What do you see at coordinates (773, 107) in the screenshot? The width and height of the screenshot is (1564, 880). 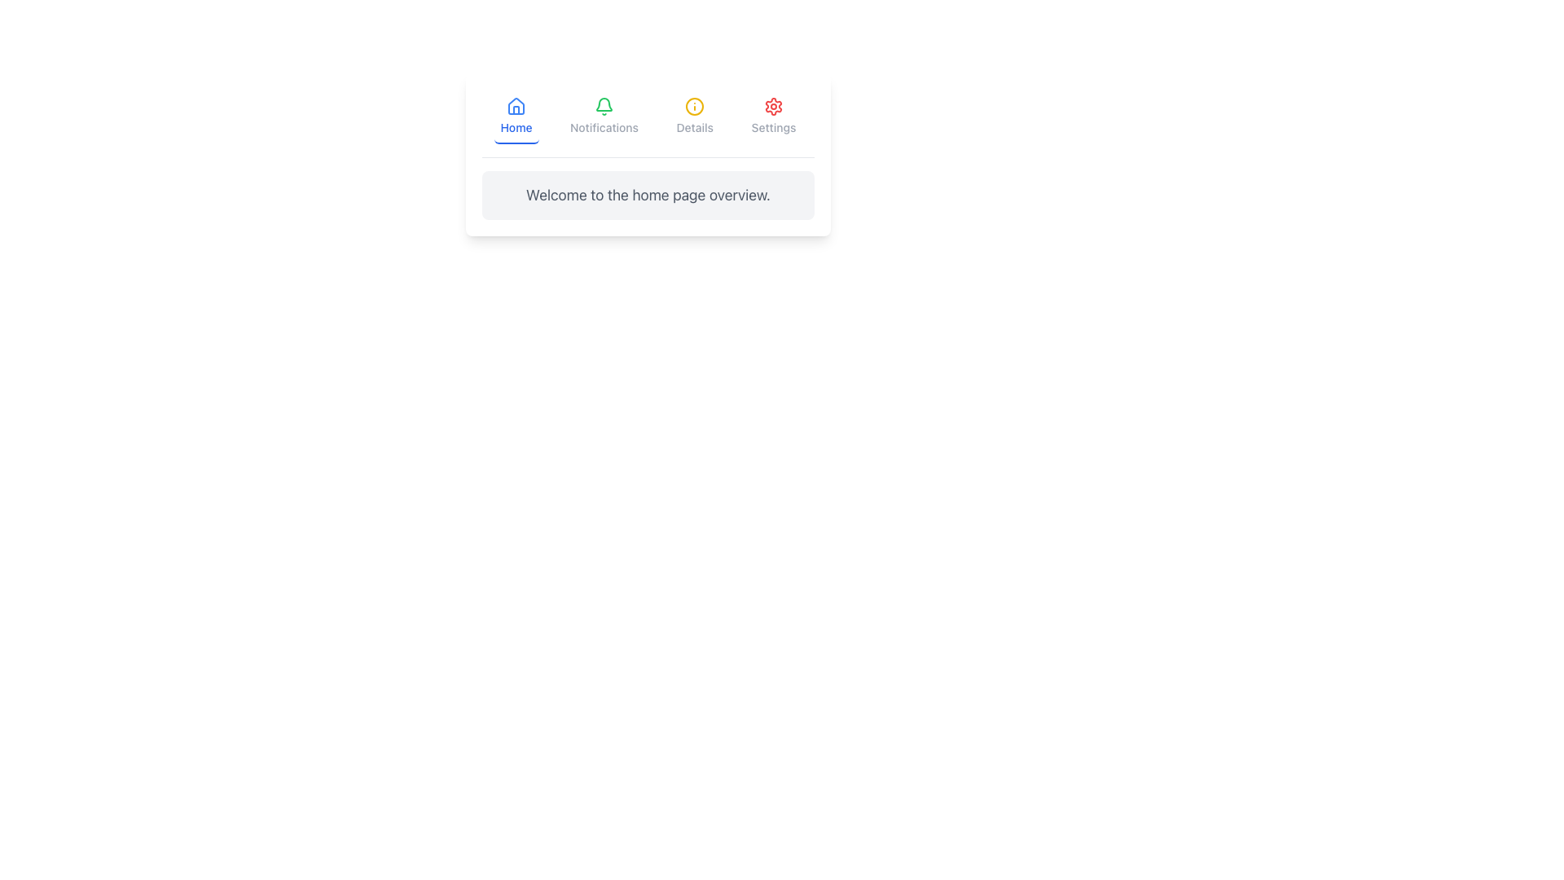 I see `the red gear-shaped icon located at the top-right corner of the interface, which is the last item in the row of navigation icons` at bounding box center [773, 107].